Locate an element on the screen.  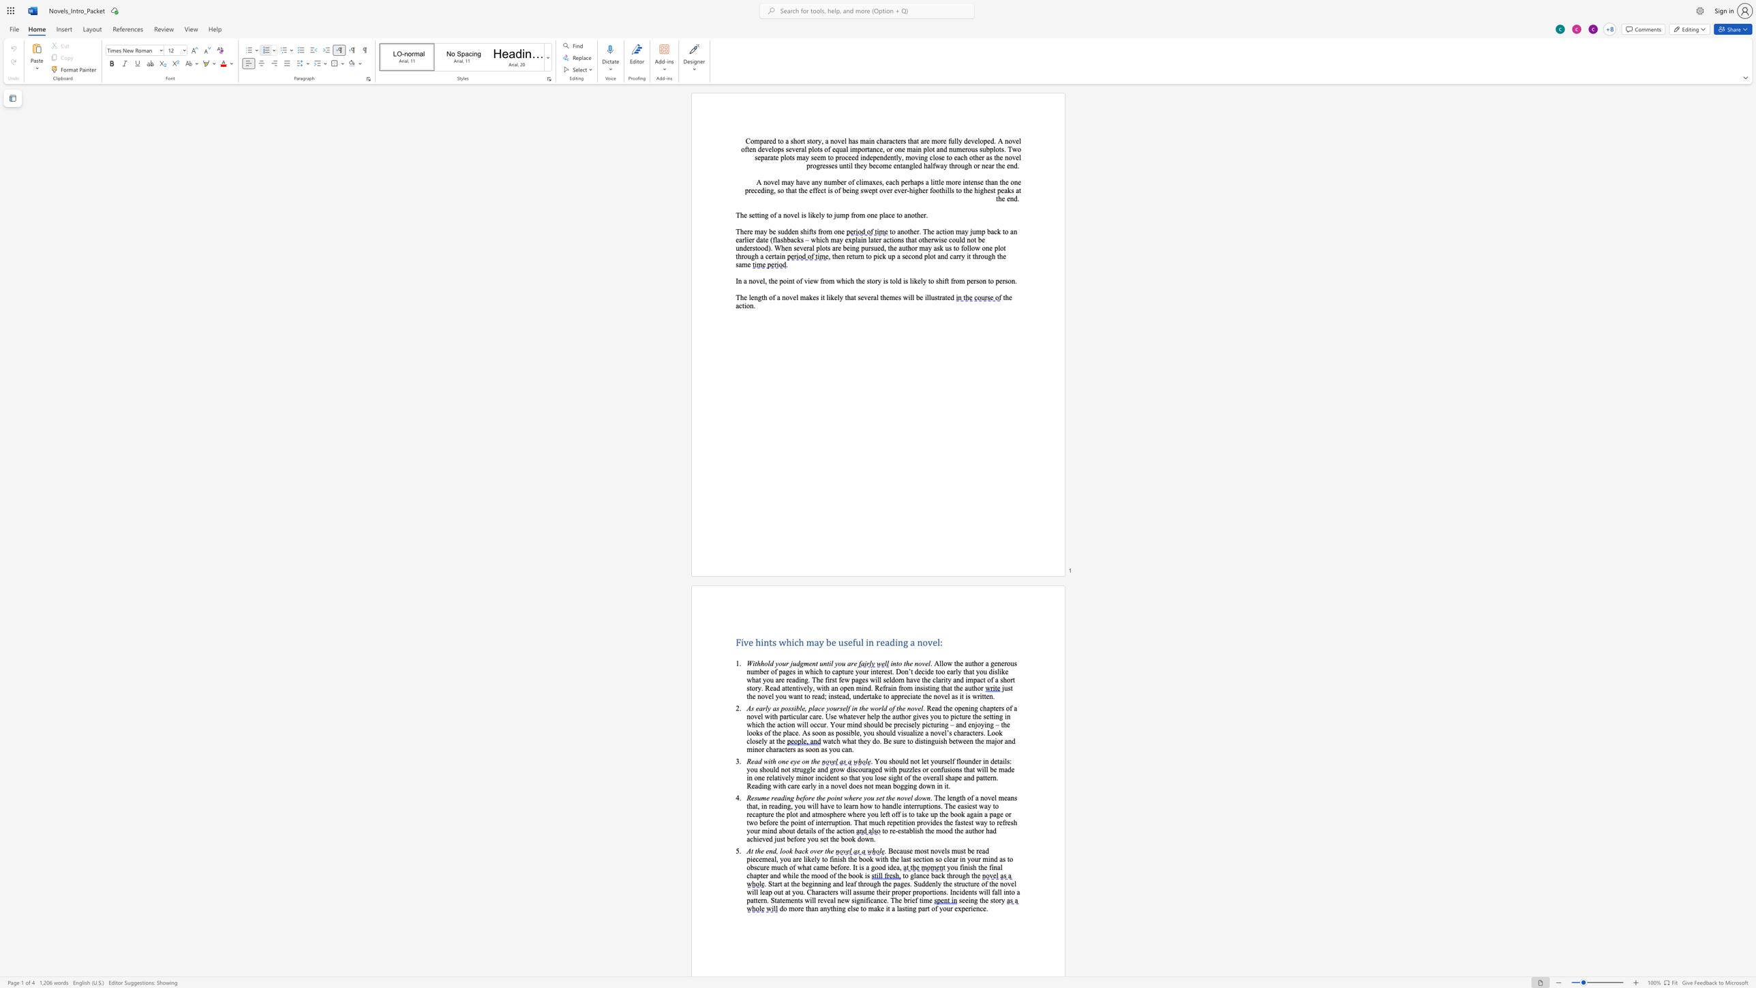
the space between the continuous character "a" and "r" in the text is located at coordinates (851, 805).